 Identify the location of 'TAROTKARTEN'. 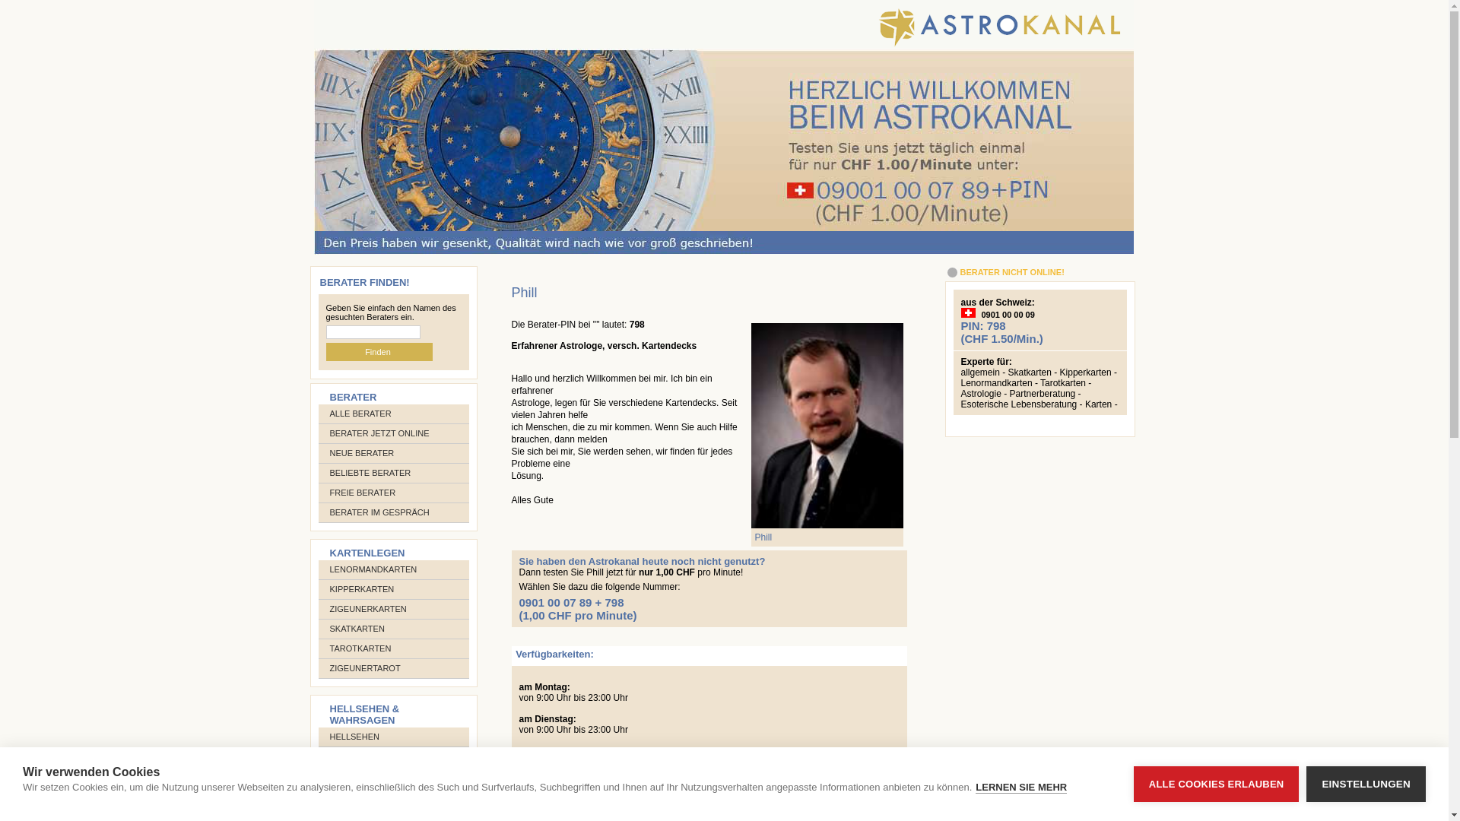
(360, 648).